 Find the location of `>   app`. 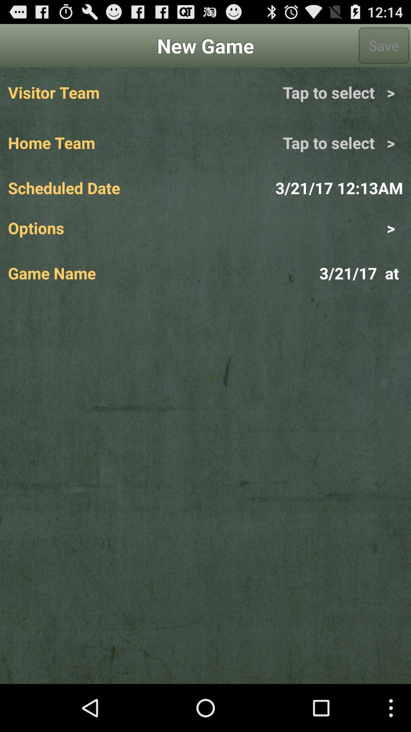

>   app is located at coordinates (304, 227).